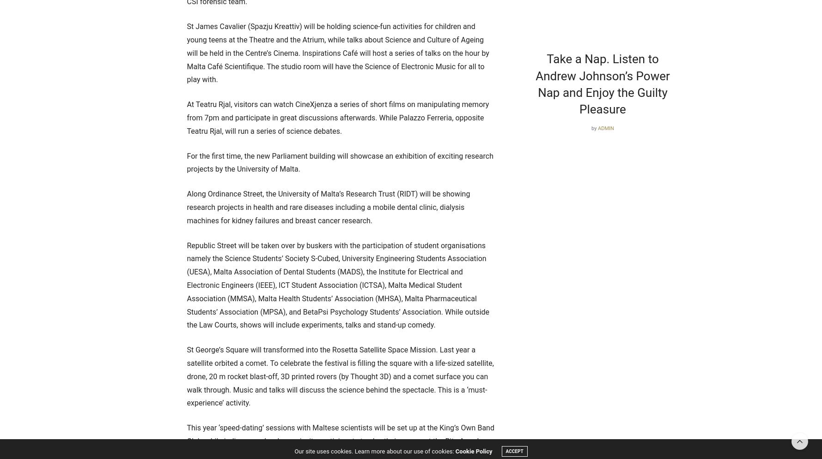 This screenshot has width=822, height=459. What do you see at coordinates (359, 76) in the screenshot?
I see `'Plan Some Quality Time with Your Favourite Person'` at bounding box center [359, 76].